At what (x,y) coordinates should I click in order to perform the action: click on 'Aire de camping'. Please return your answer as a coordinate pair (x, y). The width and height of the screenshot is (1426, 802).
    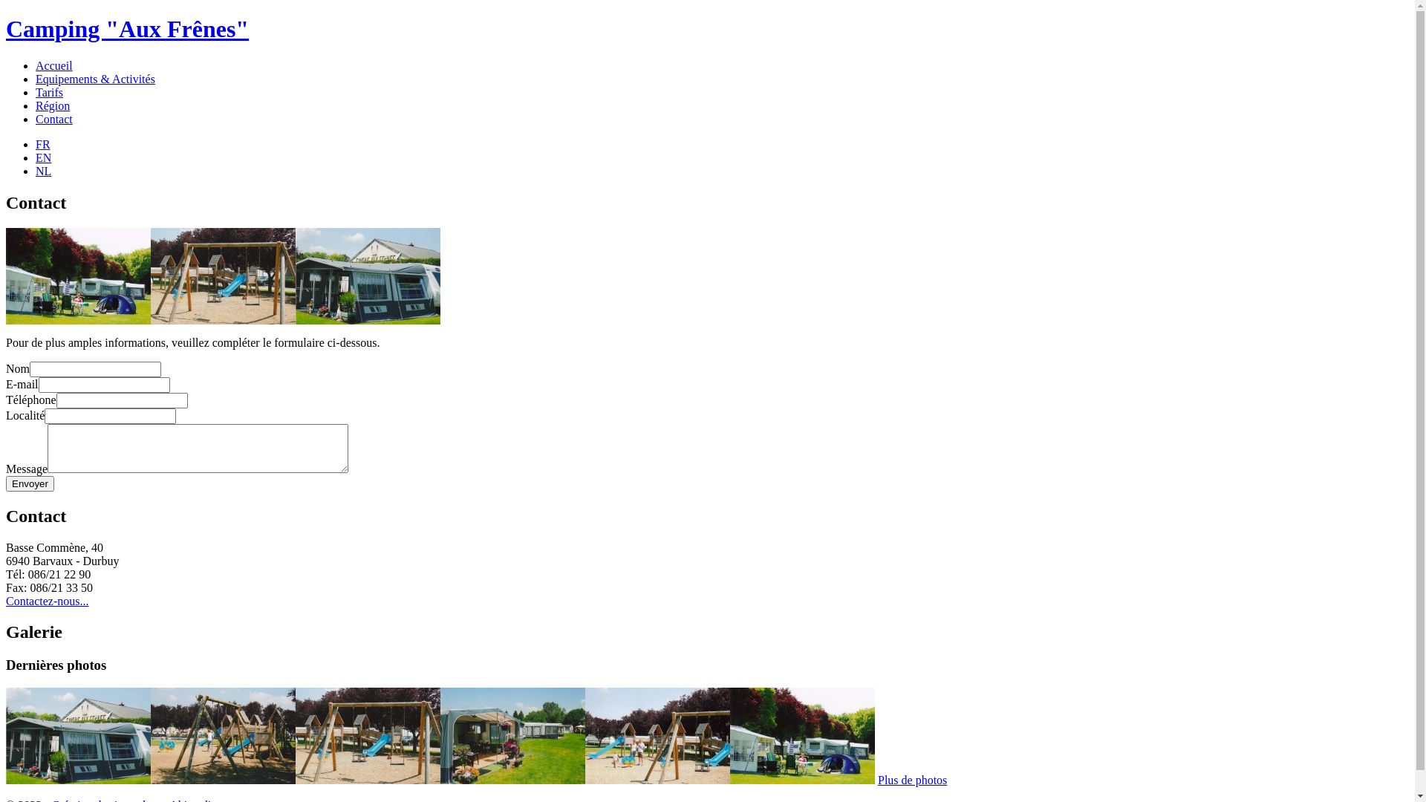
    Looking at the image, I should click on (512, 779).